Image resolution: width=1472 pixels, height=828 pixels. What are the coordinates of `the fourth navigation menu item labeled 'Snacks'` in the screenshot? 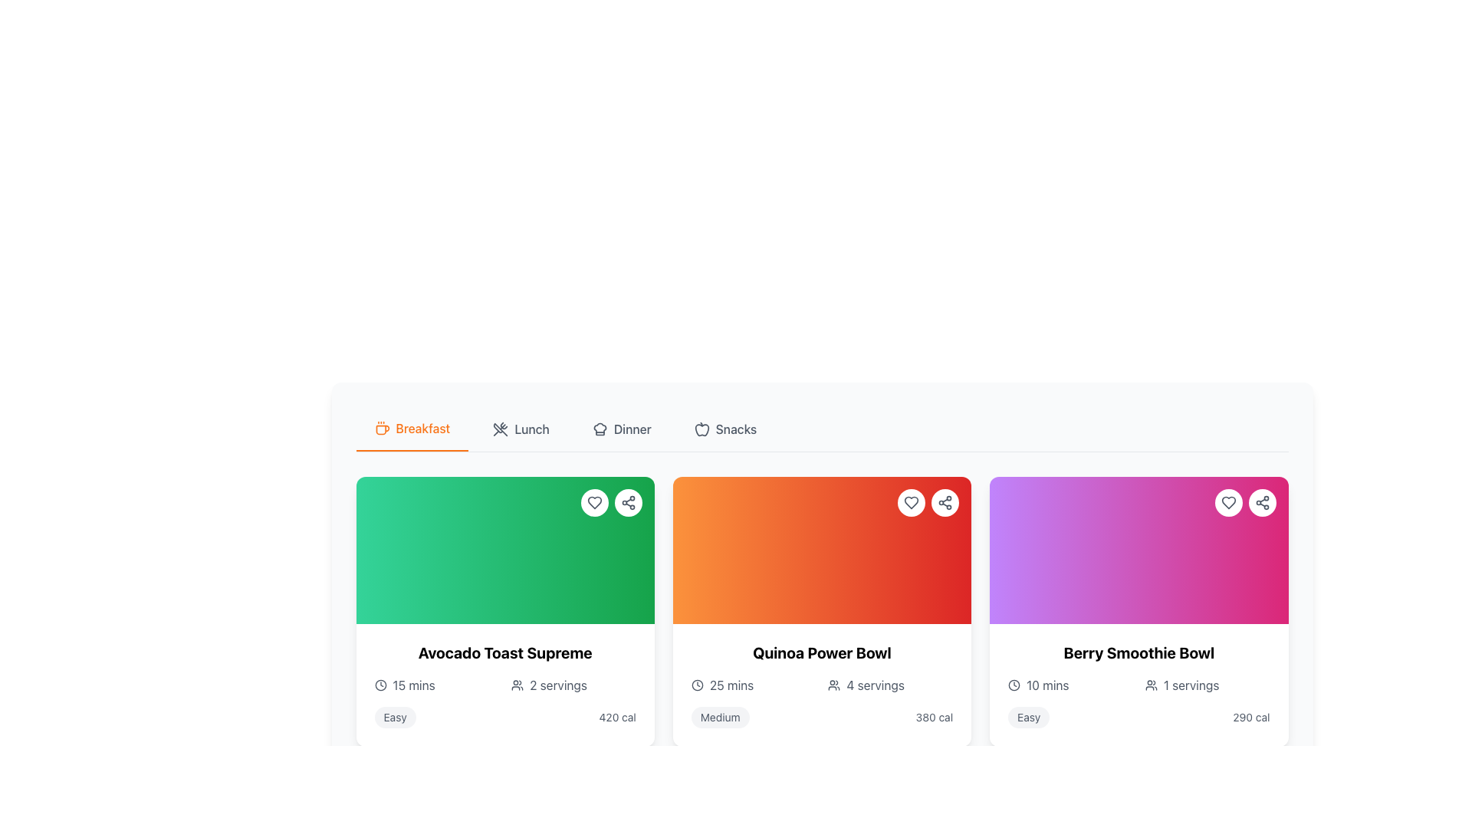 It's located at (724, 429).